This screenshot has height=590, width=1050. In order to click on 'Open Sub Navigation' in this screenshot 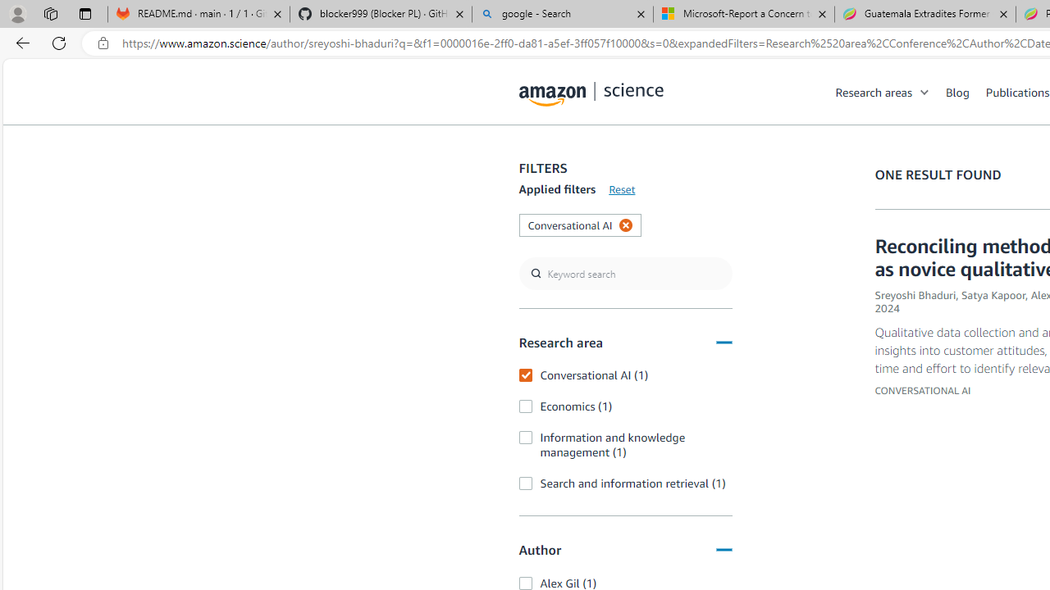, I will do `click(925, 91)`.